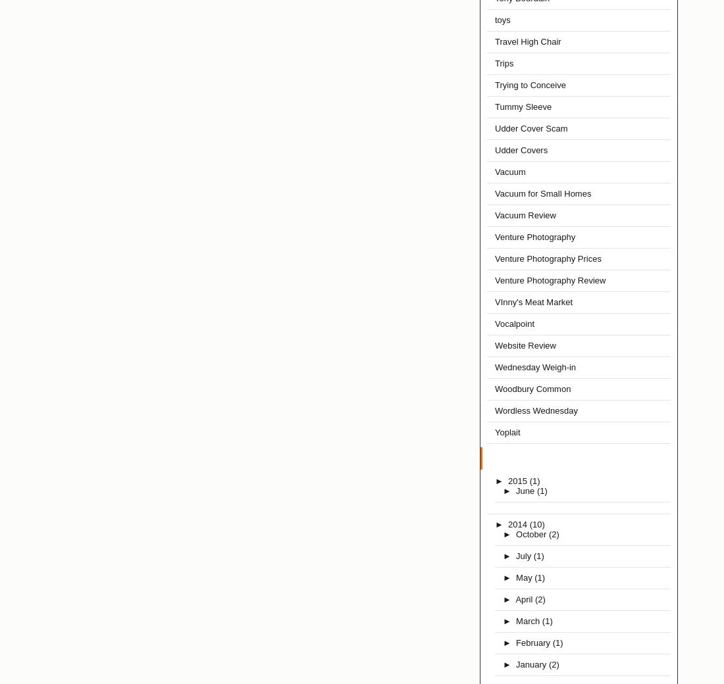 The width and height of the screenshot is (724, 684). What do you see at coordinates (529, 621) in the screenshot?
I see `'March'` at bounding box center [529, 621].